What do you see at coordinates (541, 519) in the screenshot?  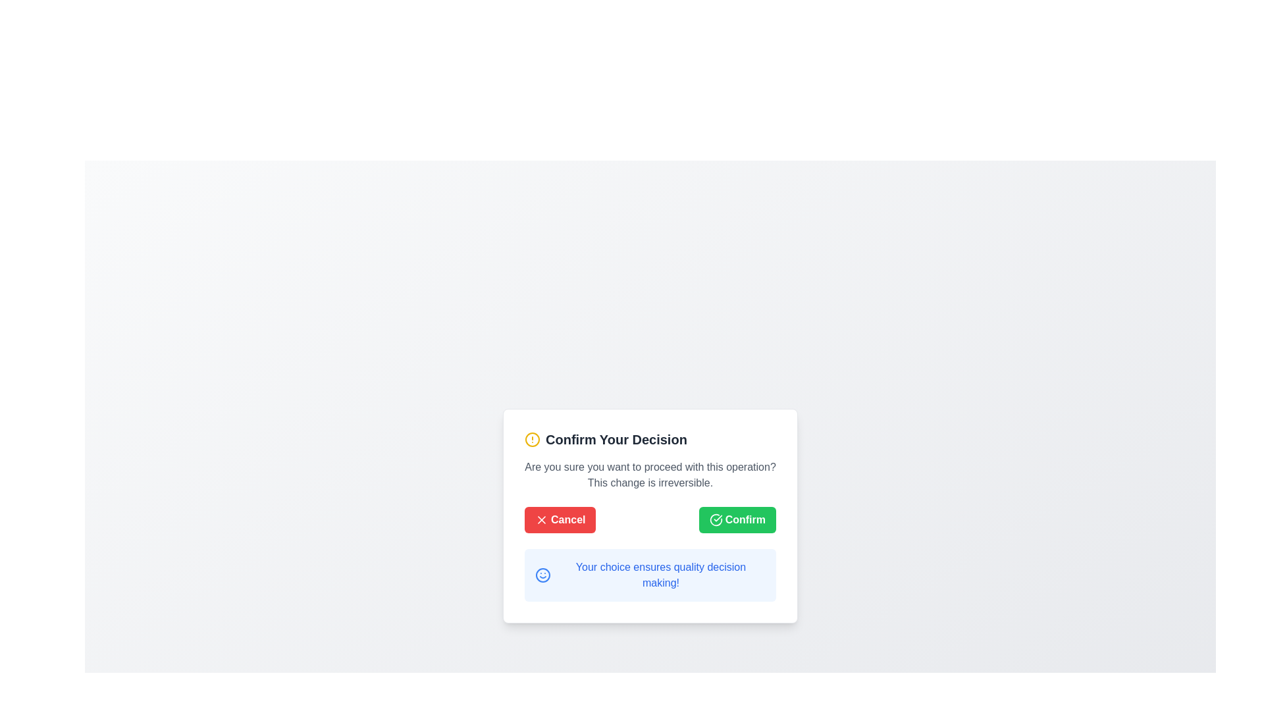 I see `the 'Cancel' button which contains a small 'X' icon representing a close or cancel action, located towards the left edge of the button` at bounding box center [541, 519].